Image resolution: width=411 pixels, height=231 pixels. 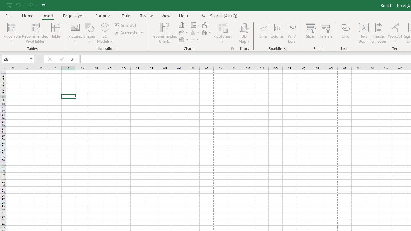 I want to click on 'Win/Loss', so click(x=292, y=33).